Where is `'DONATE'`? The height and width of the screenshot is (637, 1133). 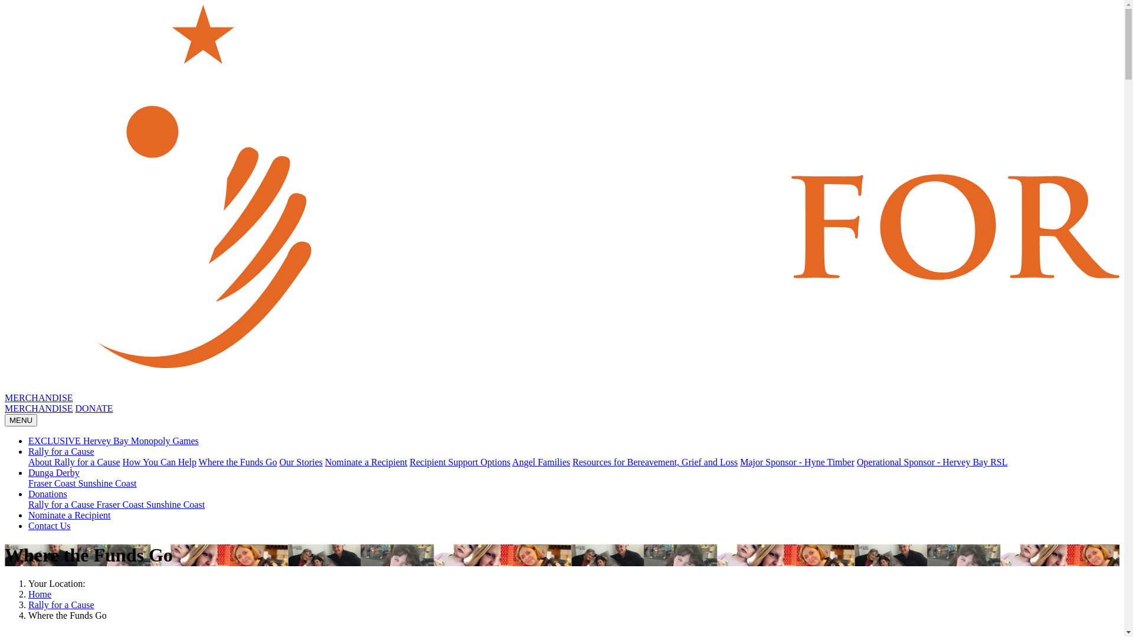
'DONATE' is located at coordinates (93, 408).